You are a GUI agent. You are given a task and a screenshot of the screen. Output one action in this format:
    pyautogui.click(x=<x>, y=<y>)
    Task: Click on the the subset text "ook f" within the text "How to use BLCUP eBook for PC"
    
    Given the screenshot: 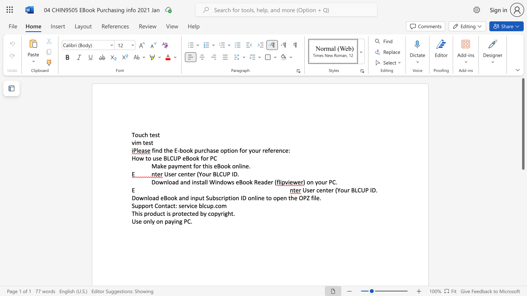 What is the action you would take?
    pyautogui.click(x=189, y=158)
    